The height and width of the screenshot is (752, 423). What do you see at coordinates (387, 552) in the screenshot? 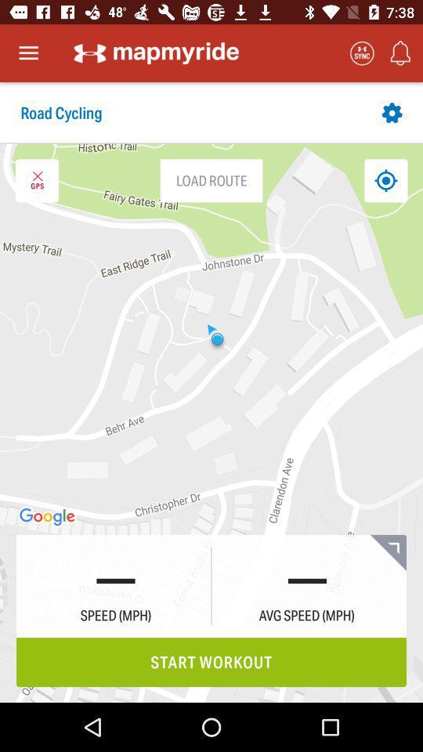
I see `the bookmark icon` at bounding box center [387, 552].